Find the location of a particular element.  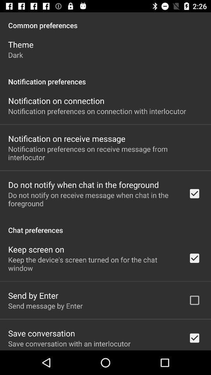

the icon above send by enter is located at coordinates (93, 264).